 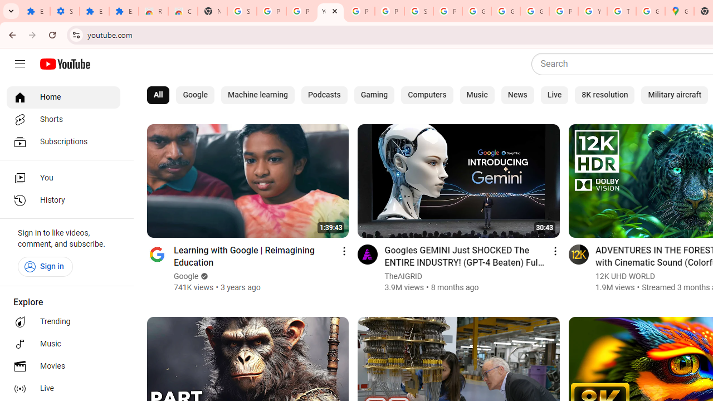 I want to click on 'Sign in', so click(x=45, y=266).